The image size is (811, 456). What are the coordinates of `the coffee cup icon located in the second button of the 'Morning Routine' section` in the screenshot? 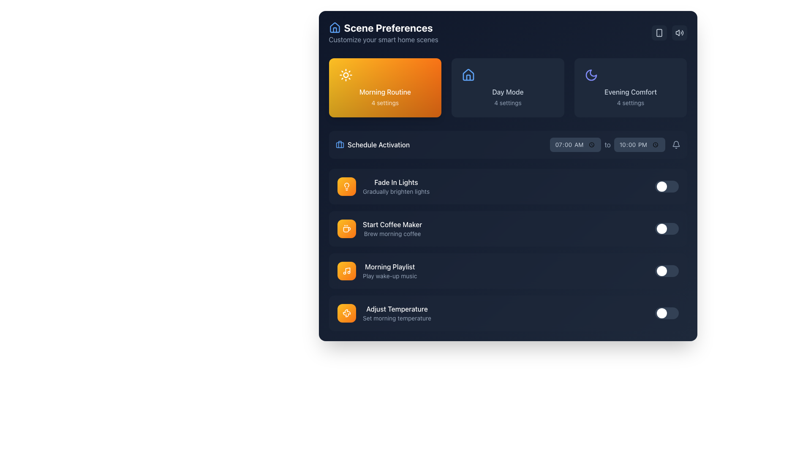 It's located at (346, 229).